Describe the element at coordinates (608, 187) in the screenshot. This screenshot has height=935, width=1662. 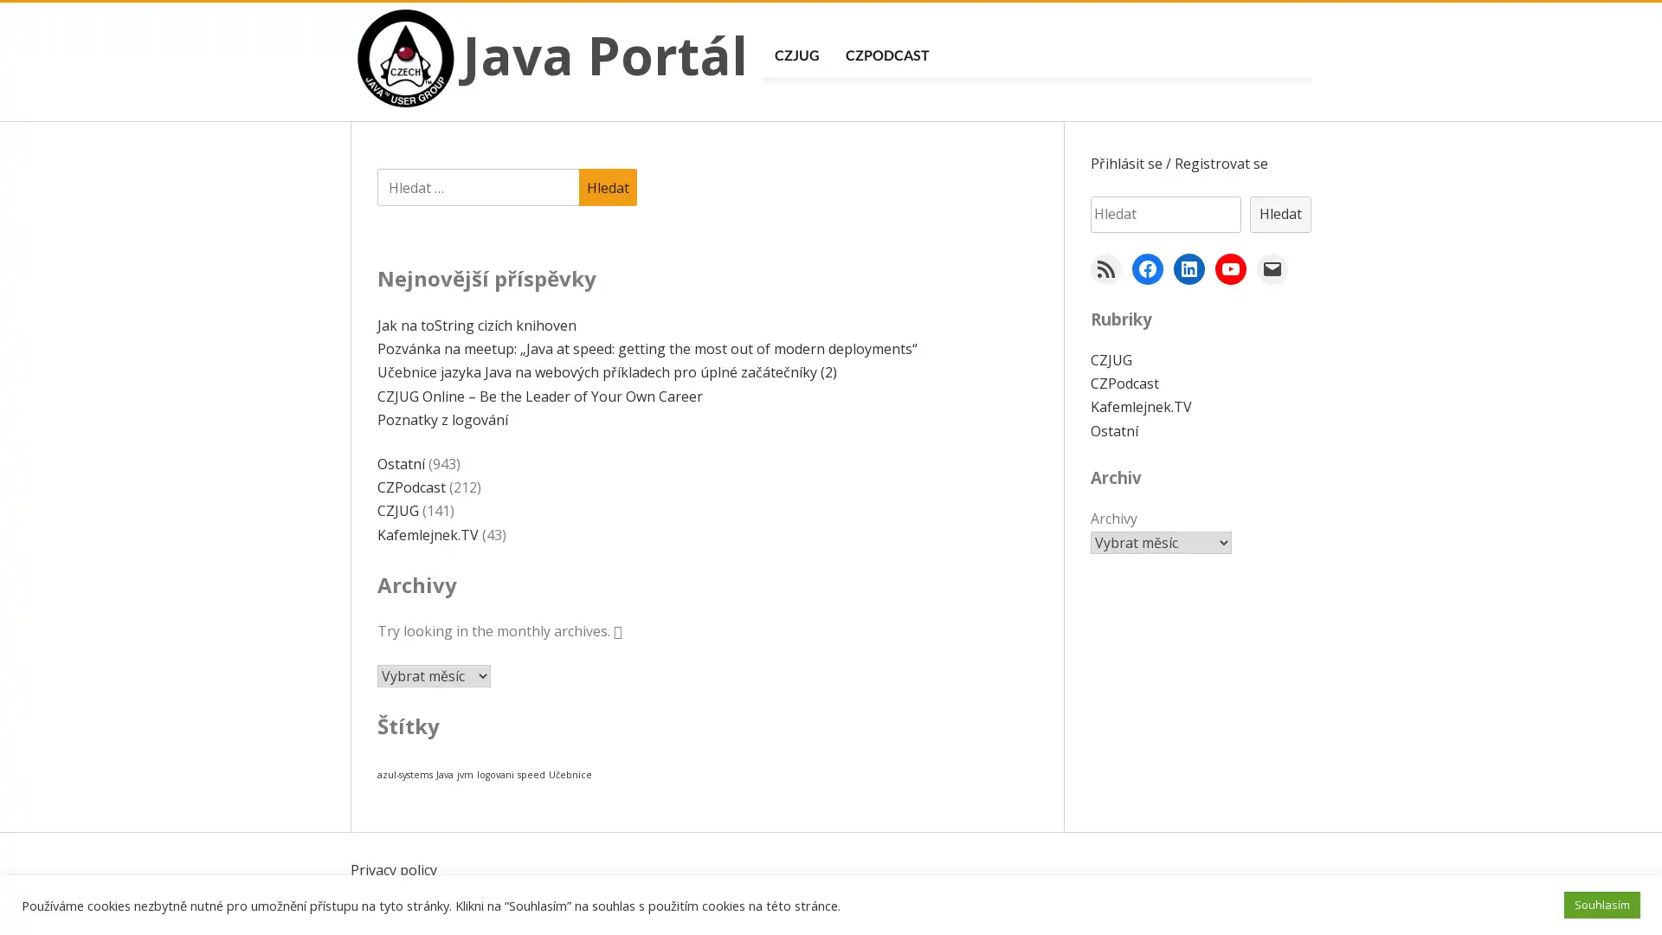
I see `Hledat` at that location.